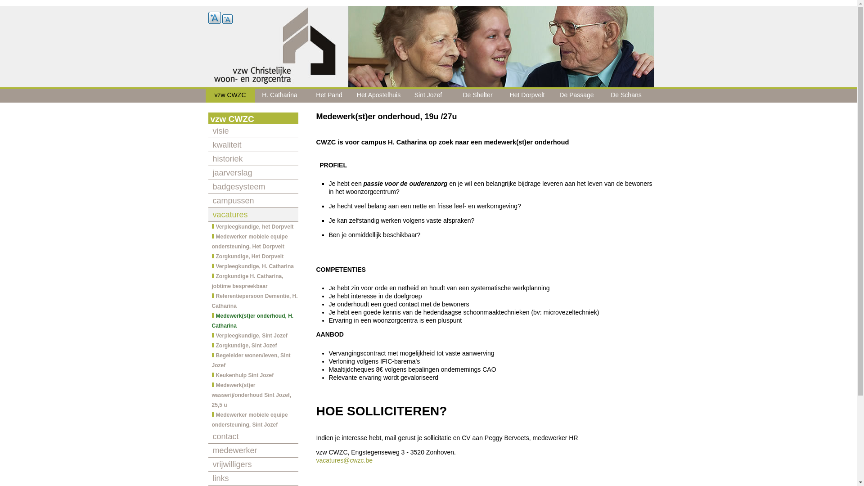 Image resolution: width=864 pixels, height=486 pixels. I want to click on 'medewerker', so click(252, 450).